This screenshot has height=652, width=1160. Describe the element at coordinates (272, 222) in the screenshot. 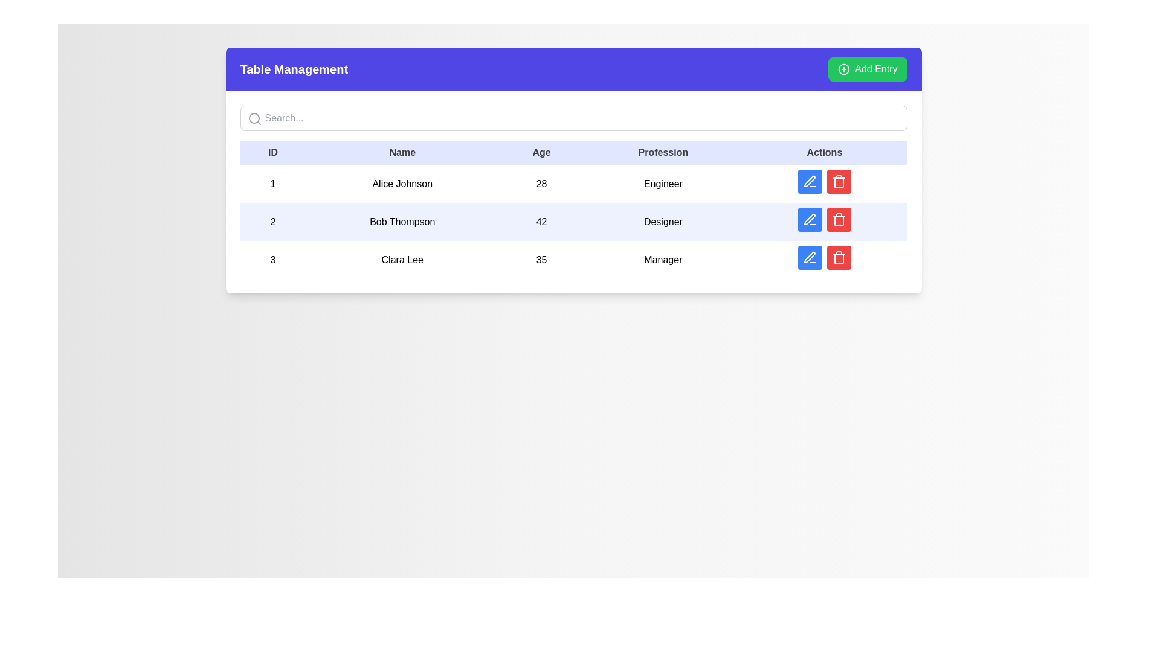

I see `the bold numeric value '2' in the table cell under the 'ID' column for the entry 'Bob Thompson'` at that location.